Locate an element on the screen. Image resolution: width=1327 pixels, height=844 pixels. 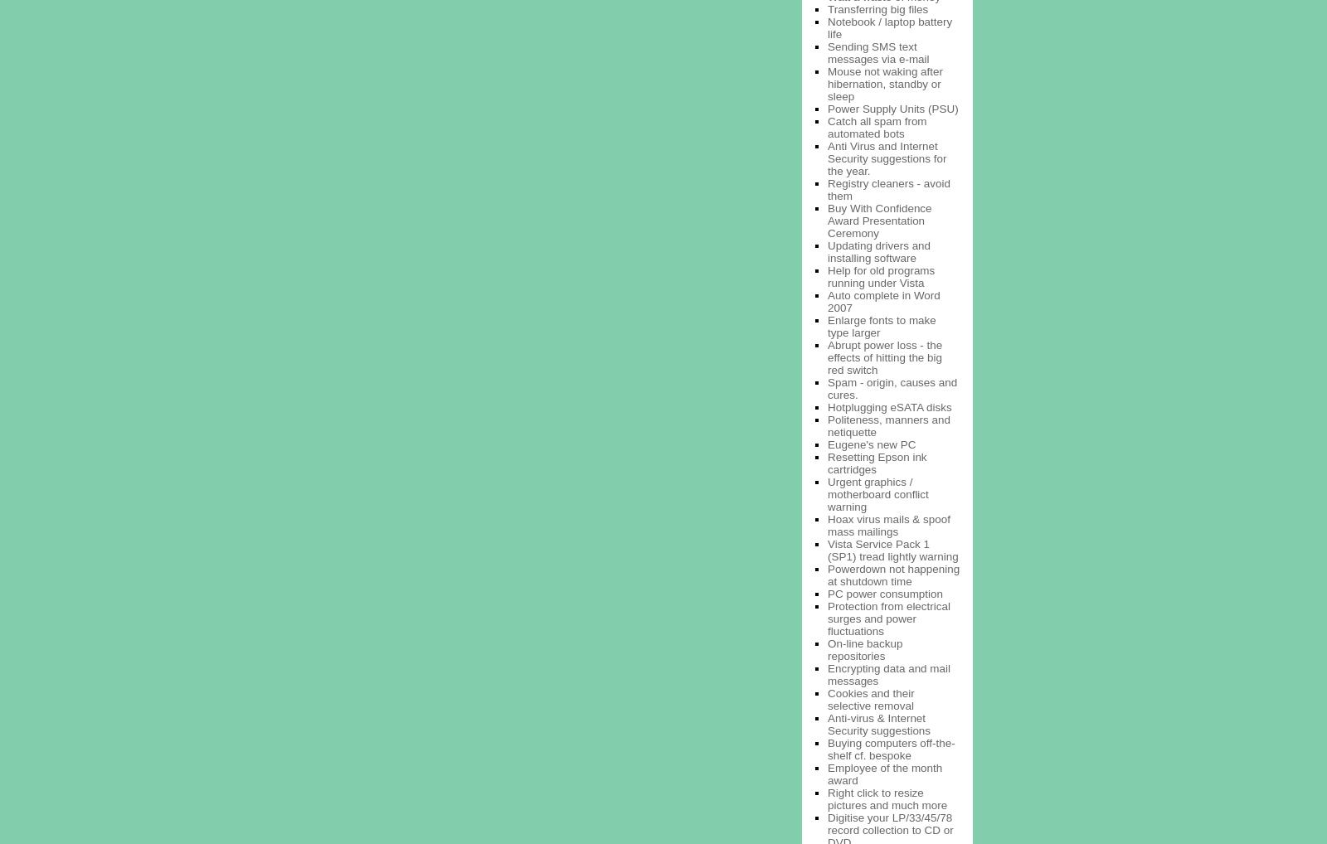
'Buying computers off-the-shelf cf. bespoke' is located at coordinates (891, 748).